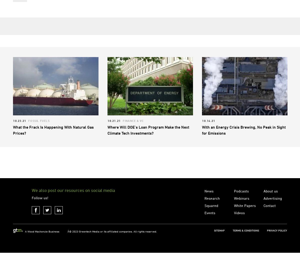 The height and width of the screenshot is (259, 300). What do you see at coordinates (241, 219) in the screenshot?
I see `'Webinars'` at bounding box center [241, 219].